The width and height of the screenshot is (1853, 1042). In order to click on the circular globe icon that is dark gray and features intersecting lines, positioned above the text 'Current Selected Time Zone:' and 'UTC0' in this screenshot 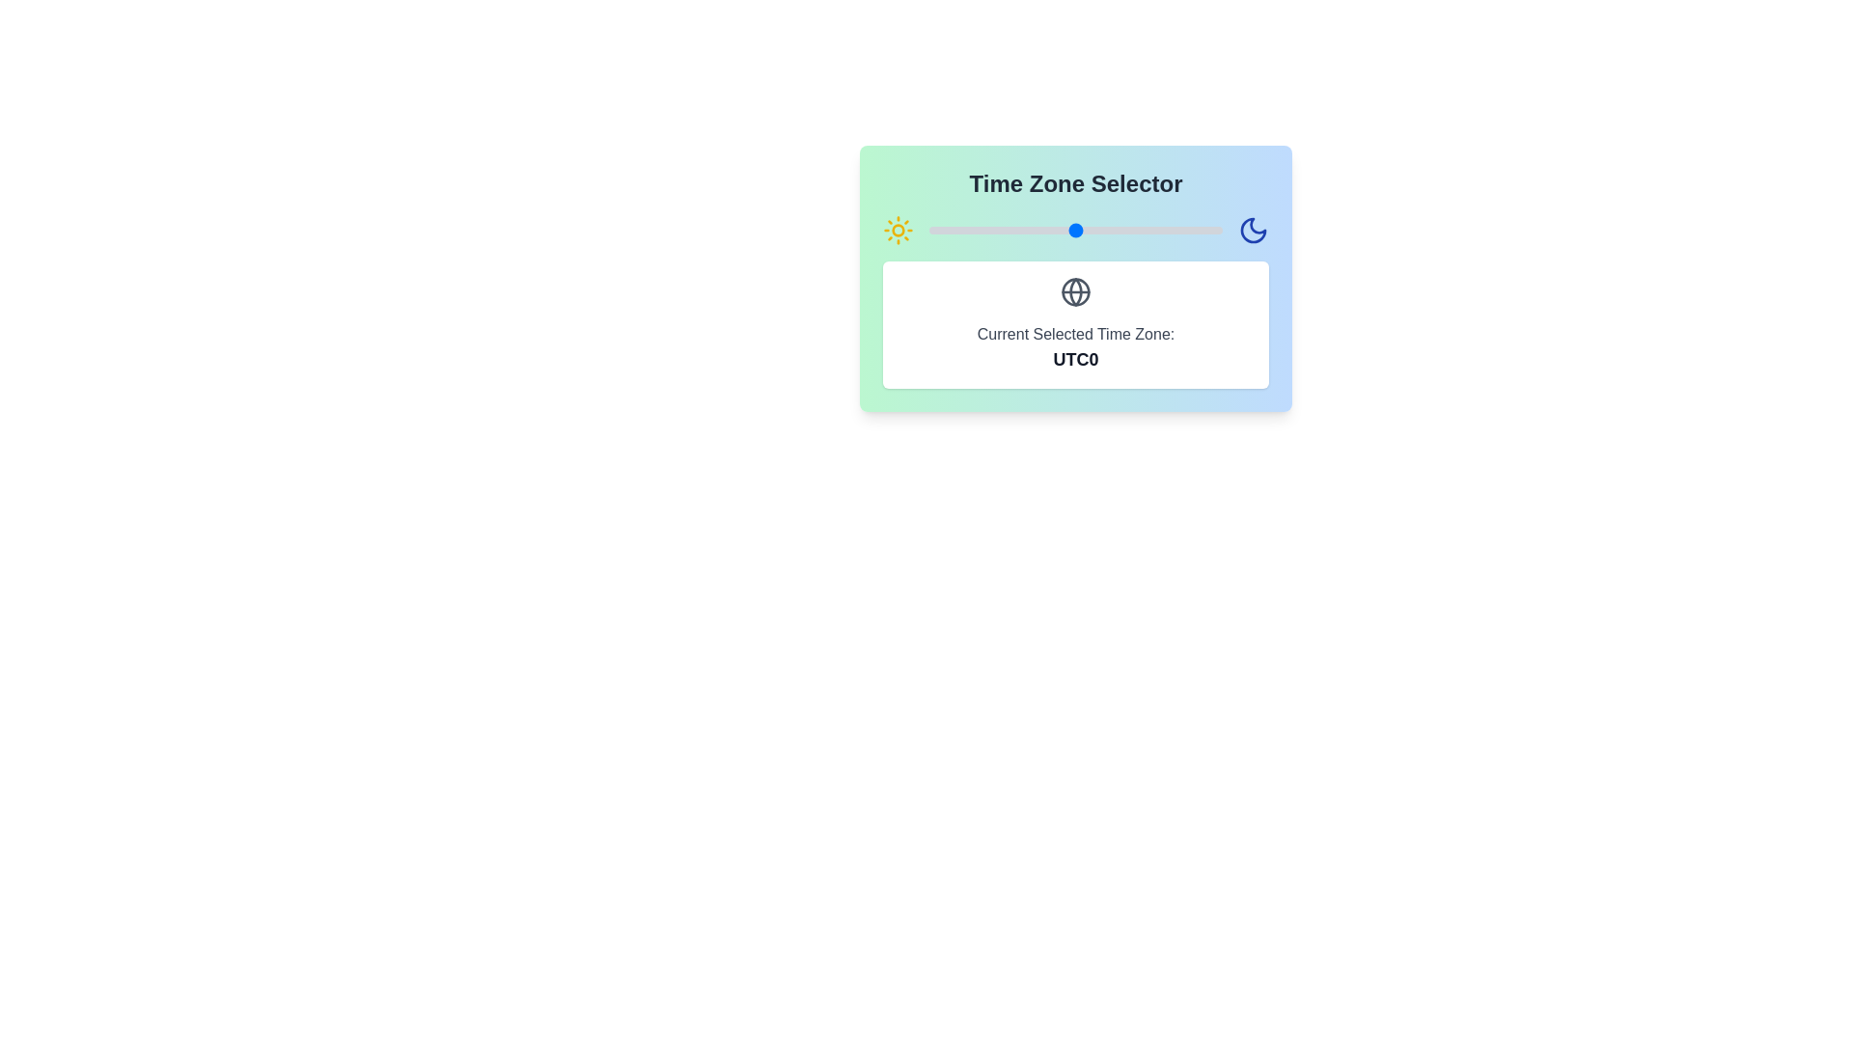, I will do `click(1074, 292)`.